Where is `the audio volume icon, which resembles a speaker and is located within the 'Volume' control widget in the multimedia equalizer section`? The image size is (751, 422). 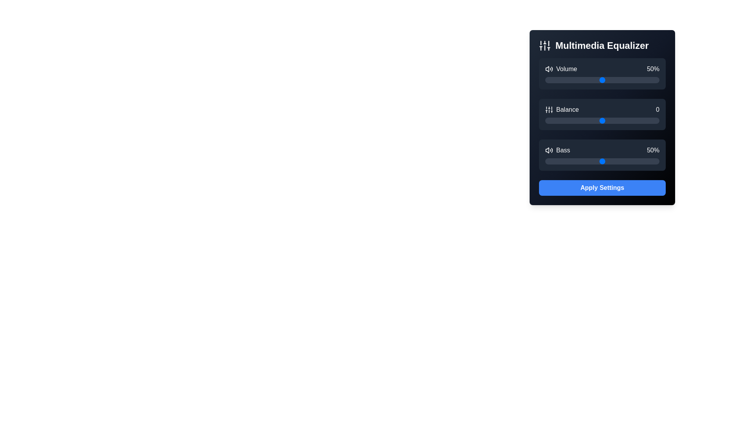 the audio volume icon, which resembles a speaker and is located within the 'Volume' control widget in the multimedia equalizer section is located at coordinates (547, 69).